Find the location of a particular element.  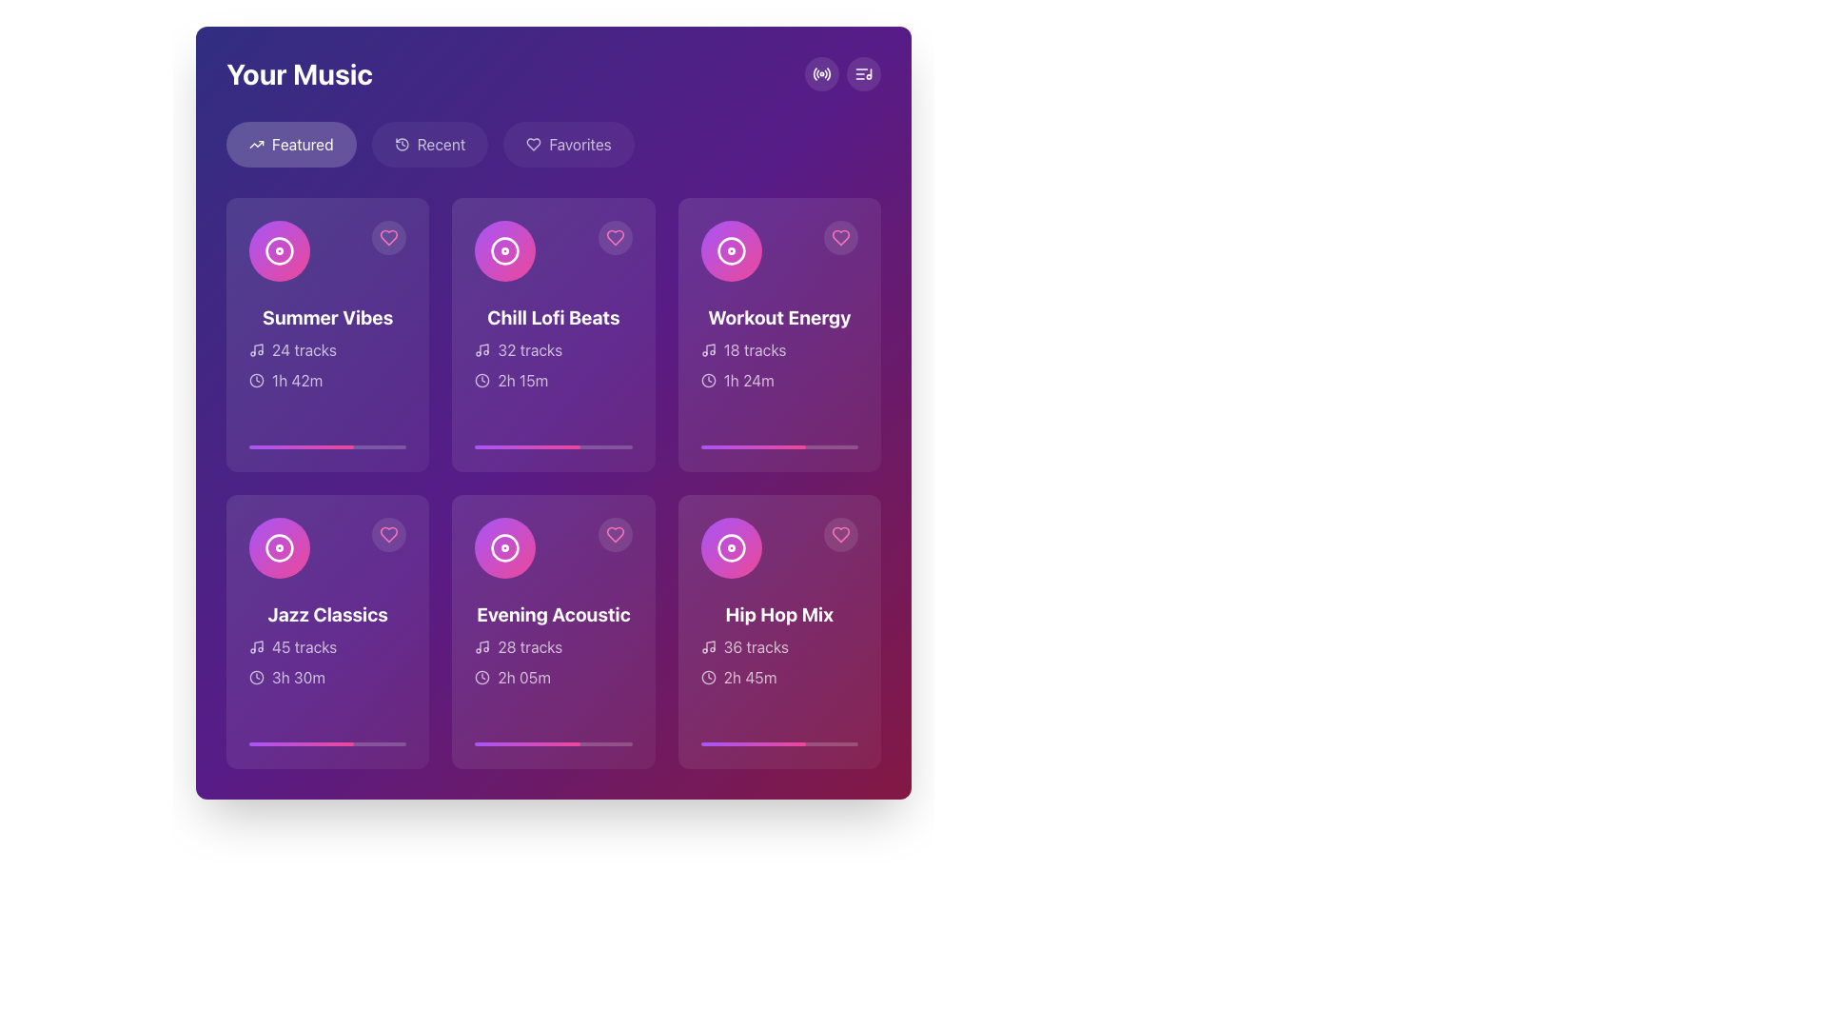

the favorite button located in the top-right corner of the 'Jazz Classics' card is located at coordinates (388, 535).